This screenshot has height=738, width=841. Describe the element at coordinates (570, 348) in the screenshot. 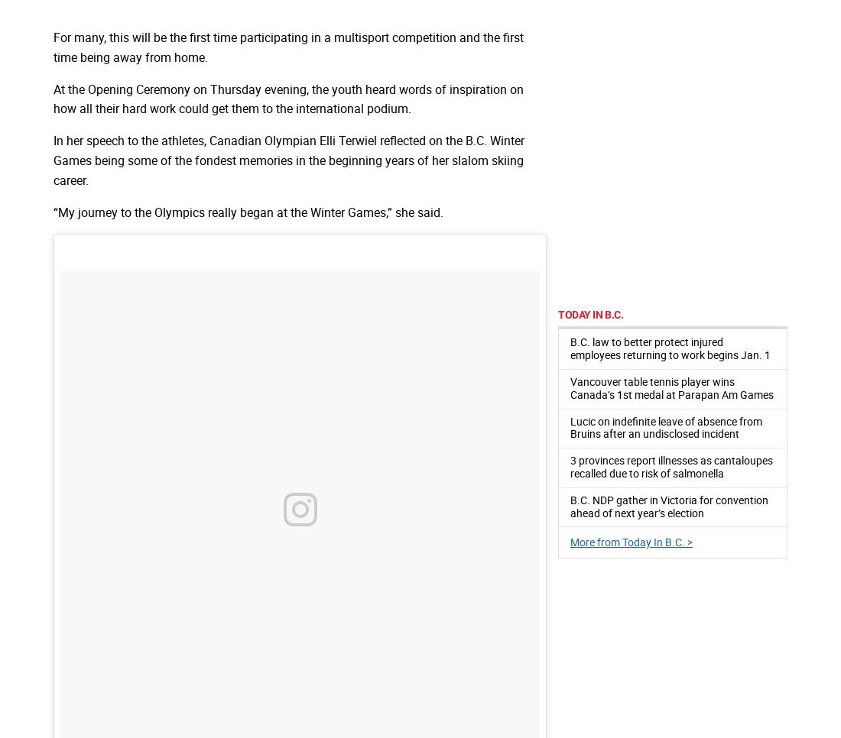

I see `'B.C. law to better protect injured employees returning to work begins Jan. 1'` at that location.